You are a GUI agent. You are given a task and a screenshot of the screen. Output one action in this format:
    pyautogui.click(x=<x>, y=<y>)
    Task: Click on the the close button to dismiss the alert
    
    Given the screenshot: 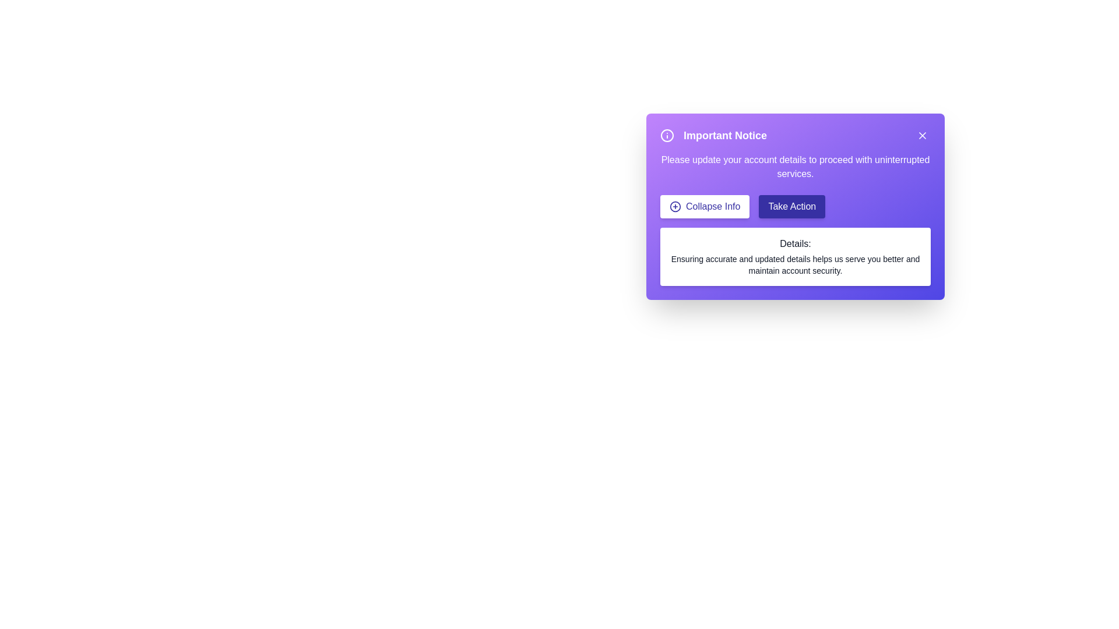 What is the action you would take?
    pyautogui.click(x=922, y=135)
    